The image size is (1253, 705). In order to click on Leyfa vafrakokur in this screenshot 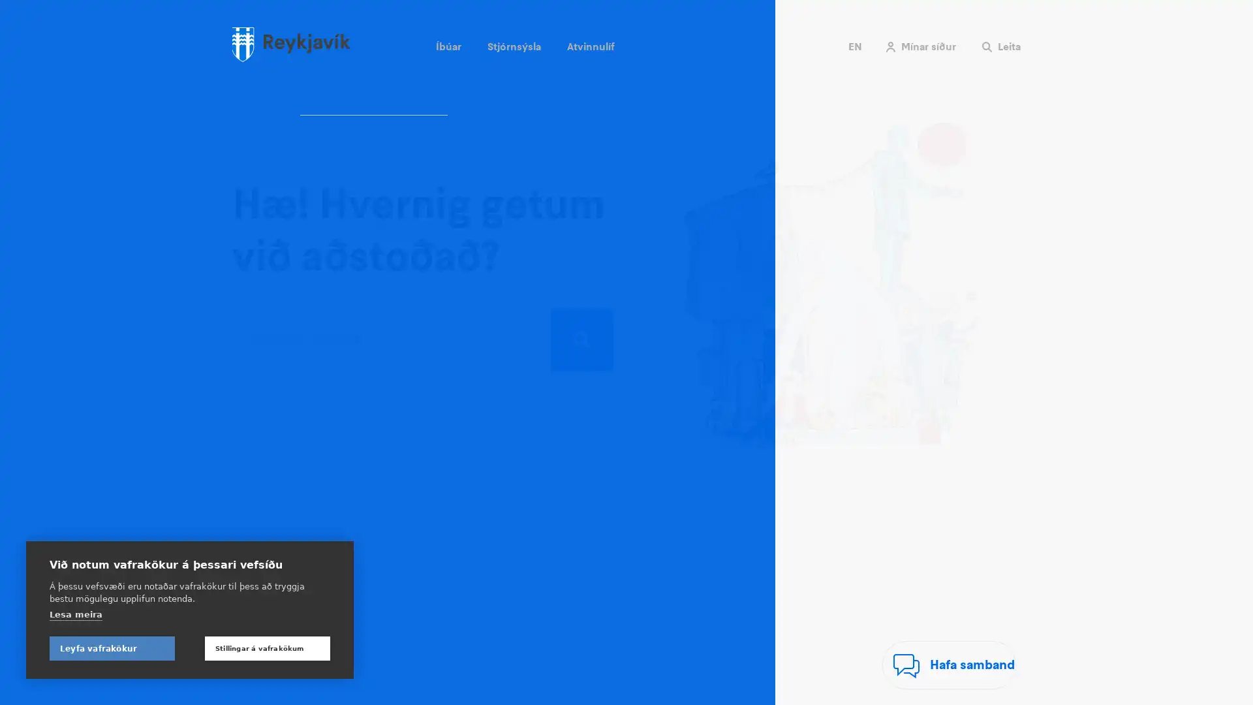, I will do `click(112, 648)`.